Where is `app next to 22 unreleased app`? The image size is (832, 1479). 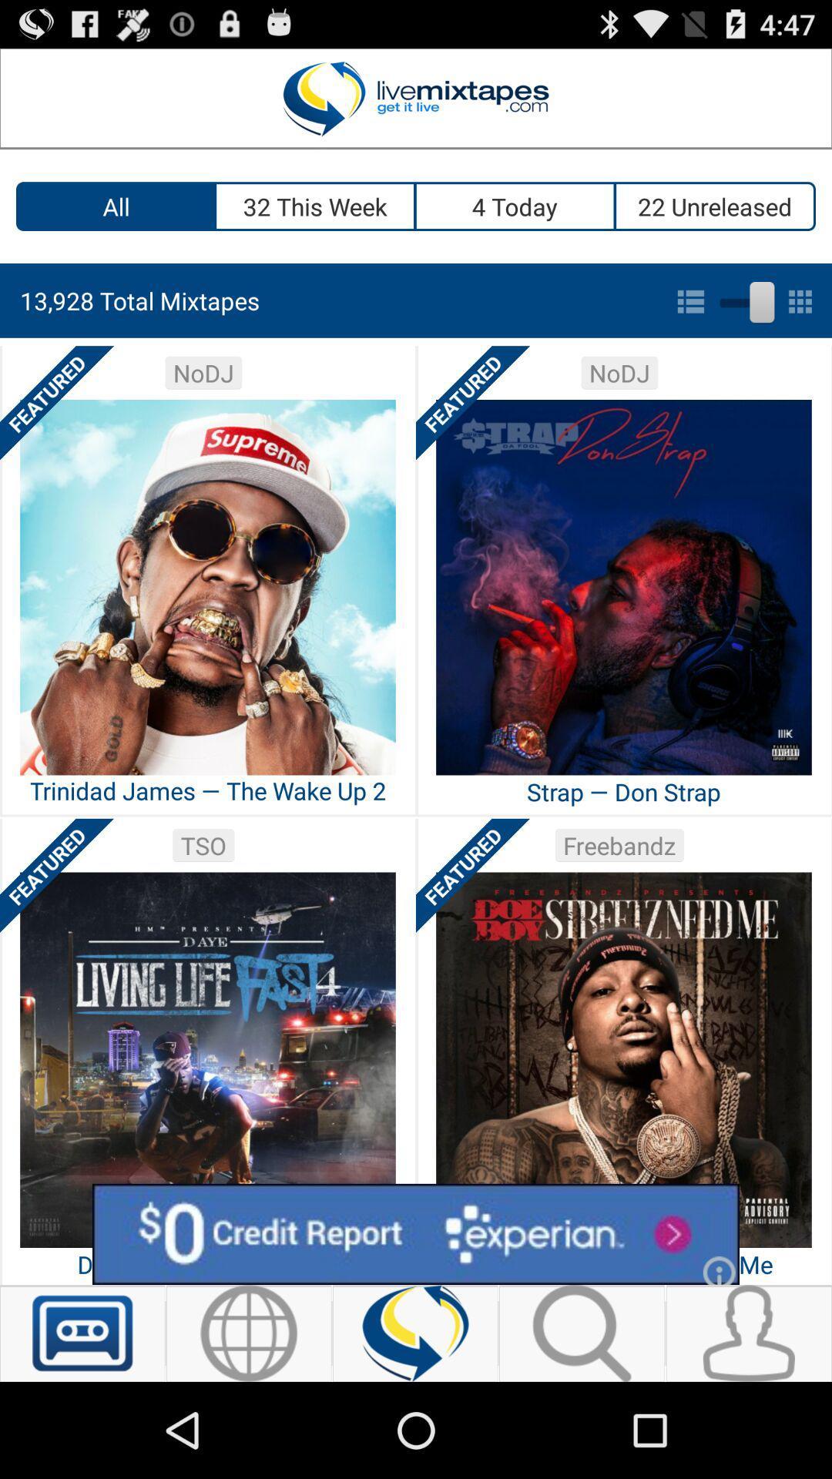
app next to 22 unreleased app is located at coordinates (515, 206).